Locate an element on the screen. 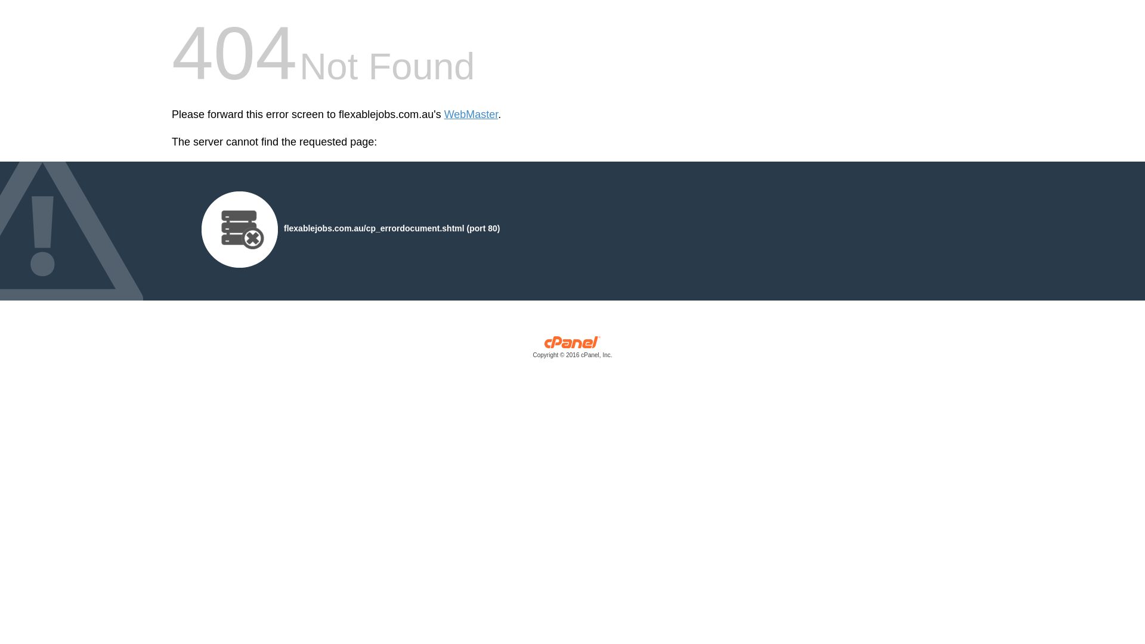 Image resolution: width=1145 pixels, height=644 pixels. 'WebMaster' is located at coordinates (471, 114).